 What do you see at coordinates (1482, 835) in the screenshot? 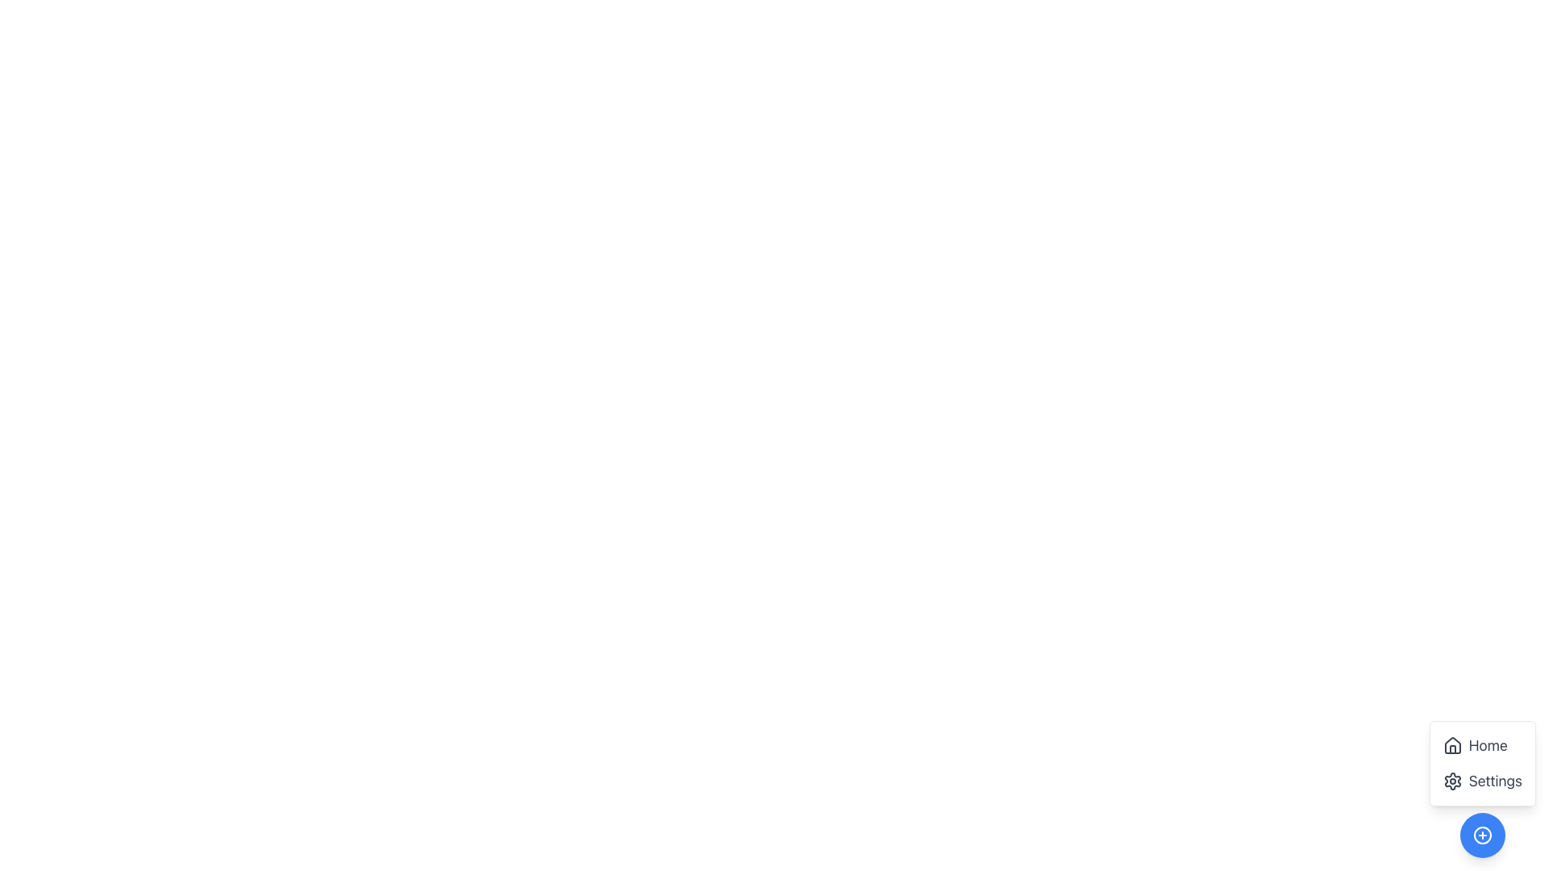
I see `the blue circular button with a white plus sign icon located at the bottom-right corner of the interface` at bounding box center [1482, 835].